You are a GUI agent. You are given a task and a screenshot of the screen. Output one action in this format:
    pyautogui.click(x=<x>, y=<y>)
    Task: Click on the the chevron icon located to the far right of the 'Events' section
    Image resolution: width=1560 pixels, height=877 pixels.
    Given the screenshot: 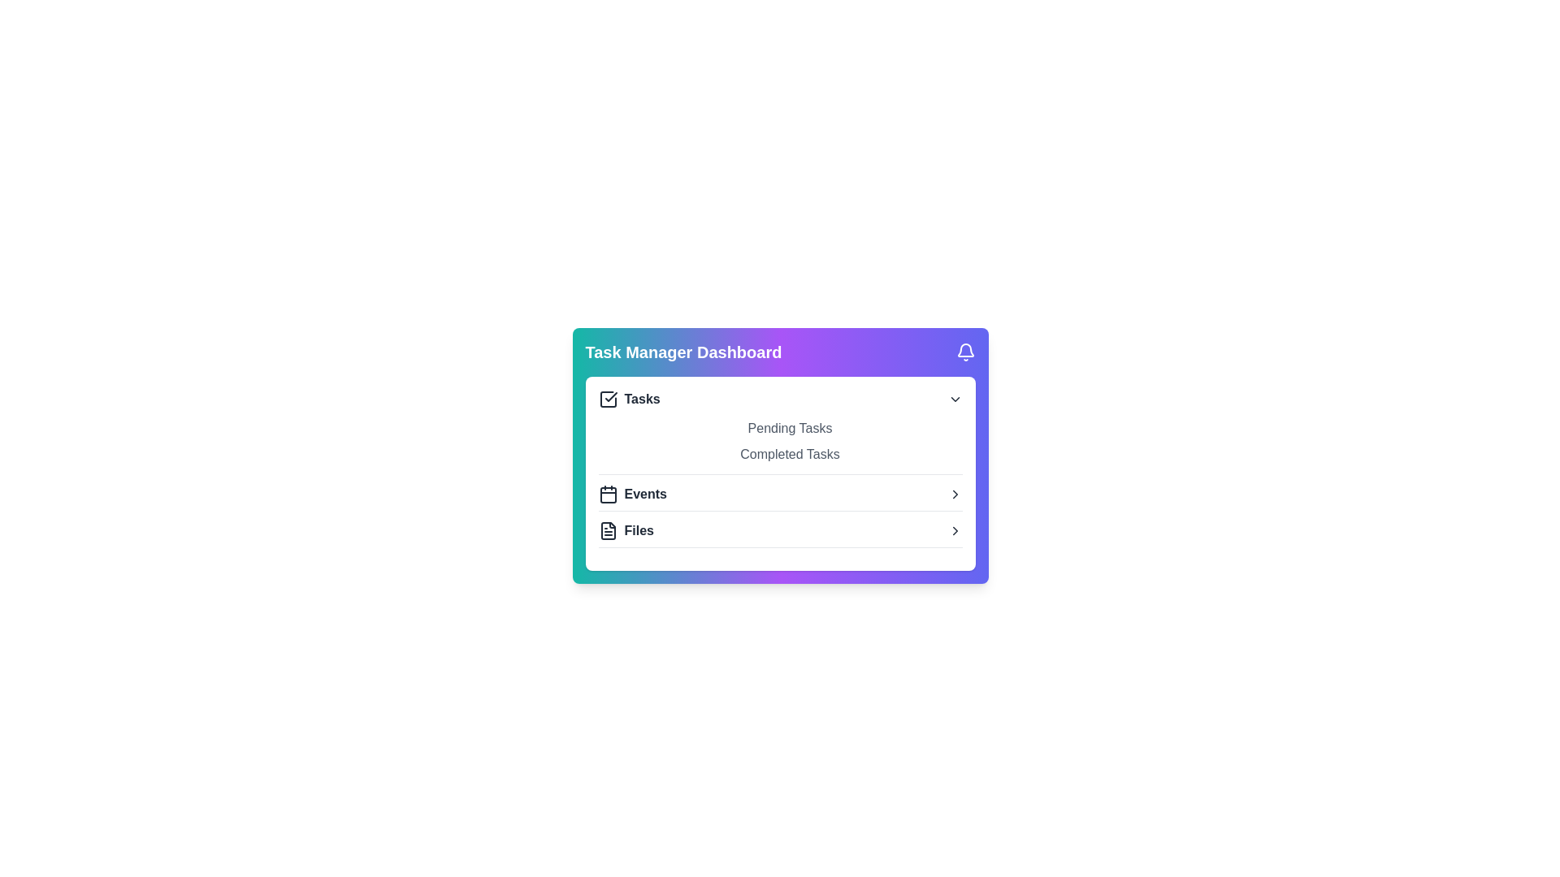 What is the action you would take?
    pyautogui.click(x=955, y=494)
    